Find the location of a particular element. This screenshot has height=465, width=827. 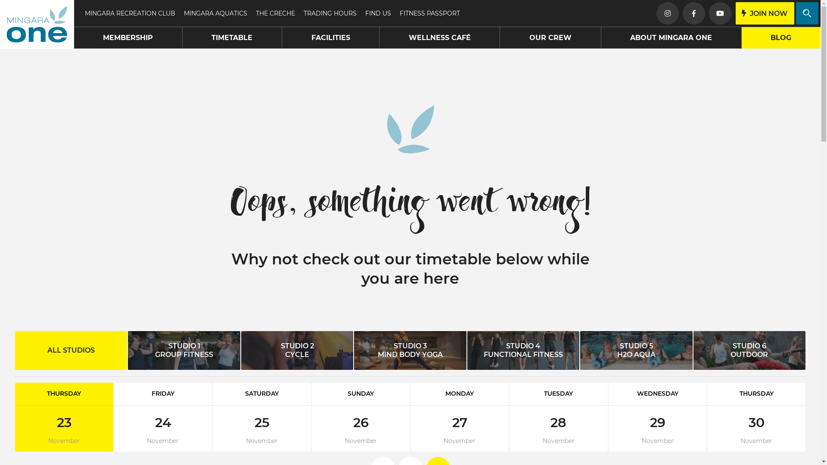

'FITNESS PASSPORT' is located at coordinates (430, 13).